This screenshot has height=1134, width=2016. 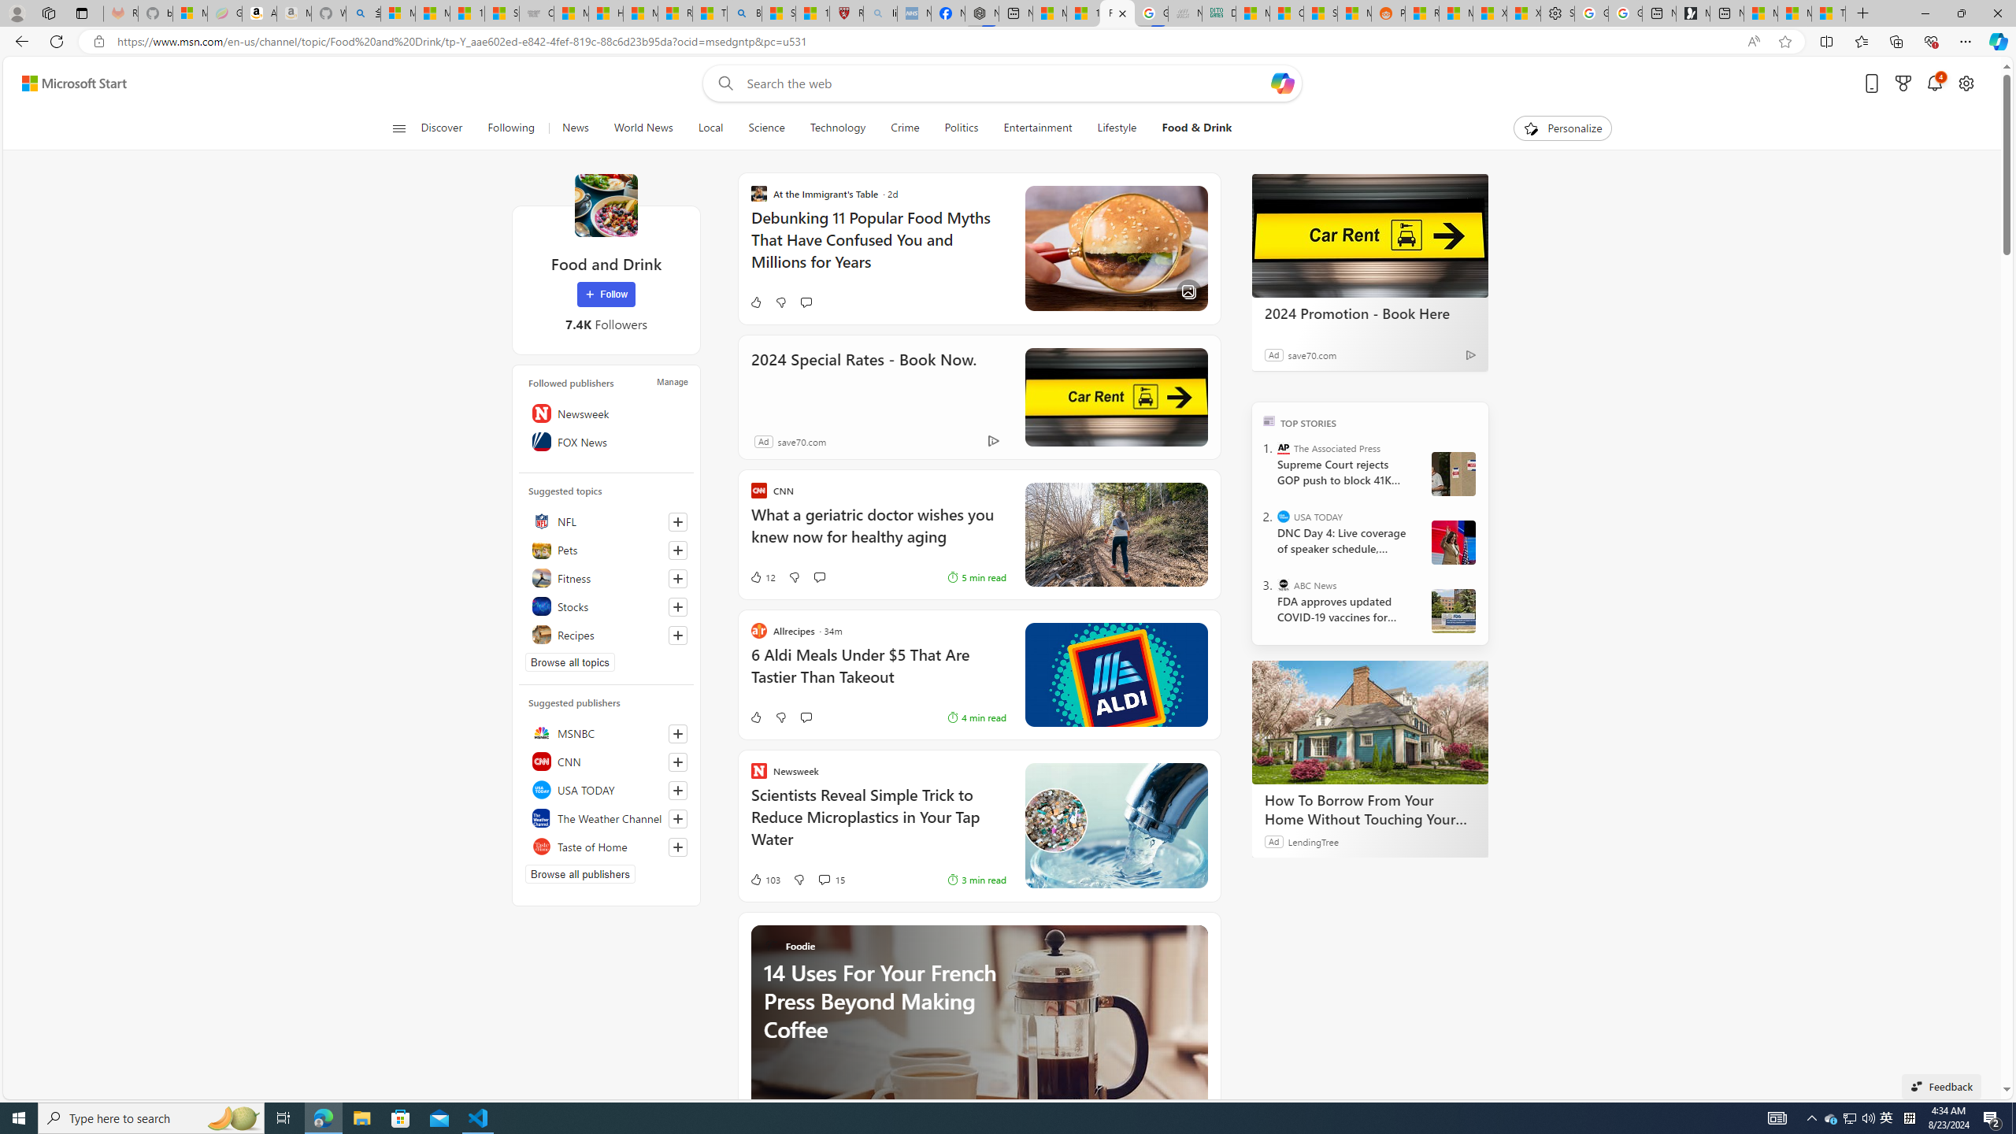 I want to click on 'Taste of Home', so click(x=606, y=845).